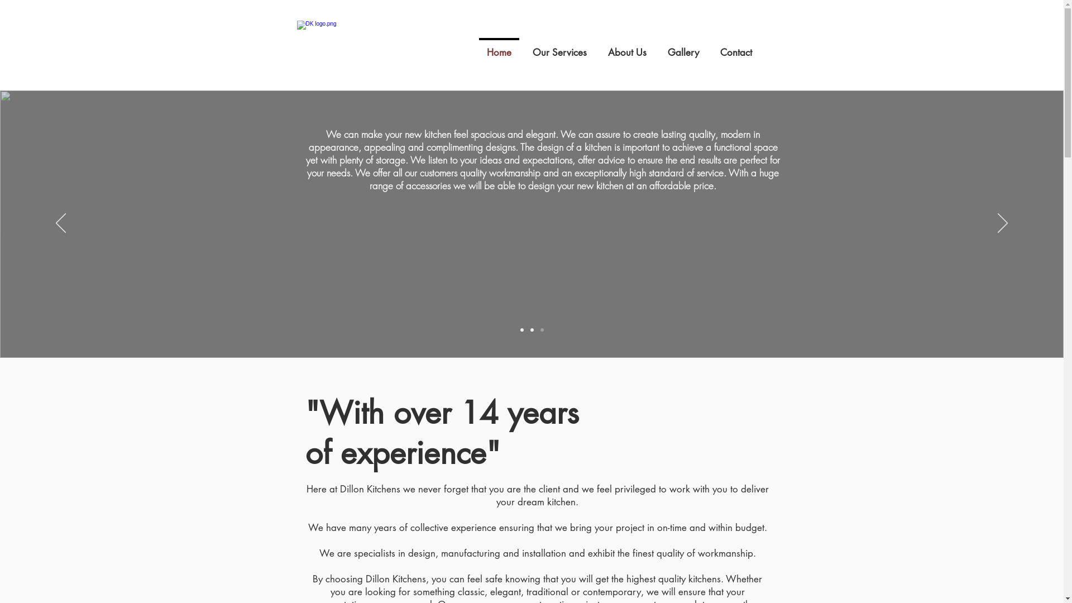 The height and width of the screenshot is (603, 1072). I want to click on 'Contact', so click(735, 46).